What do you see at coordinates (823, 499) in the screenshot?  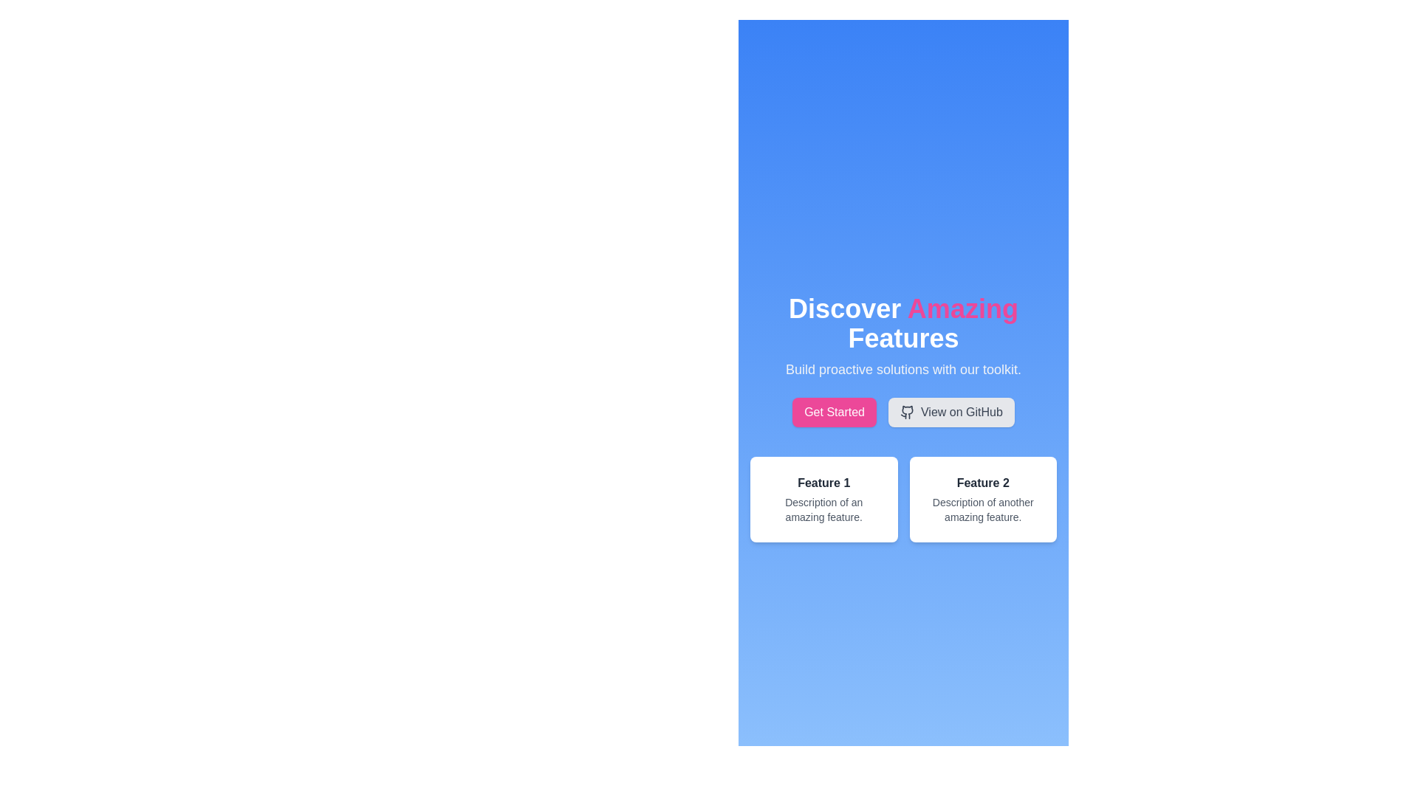 I see `the first informational card titled 'Feature 1', which is positioned in the leftmost column of a grid layout, displaying a bold text and a description below it` at bounding box center [823, 499].